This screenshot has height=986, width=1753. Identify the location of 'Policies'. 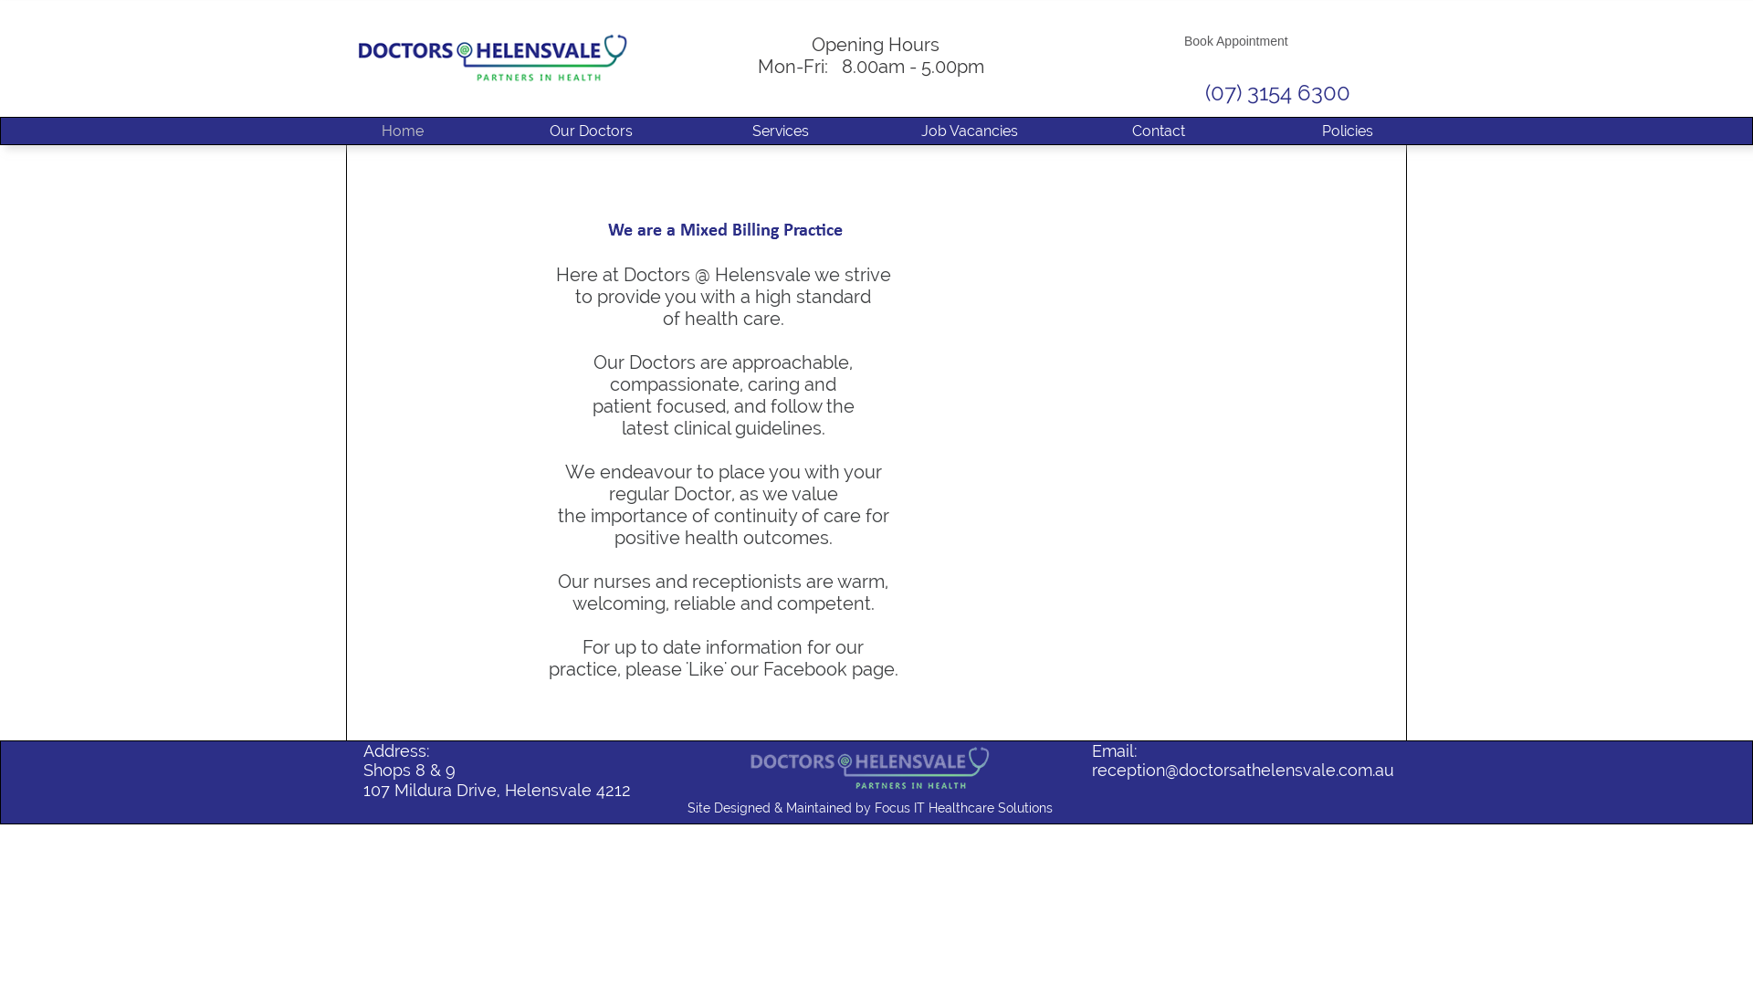
(1347, 130).